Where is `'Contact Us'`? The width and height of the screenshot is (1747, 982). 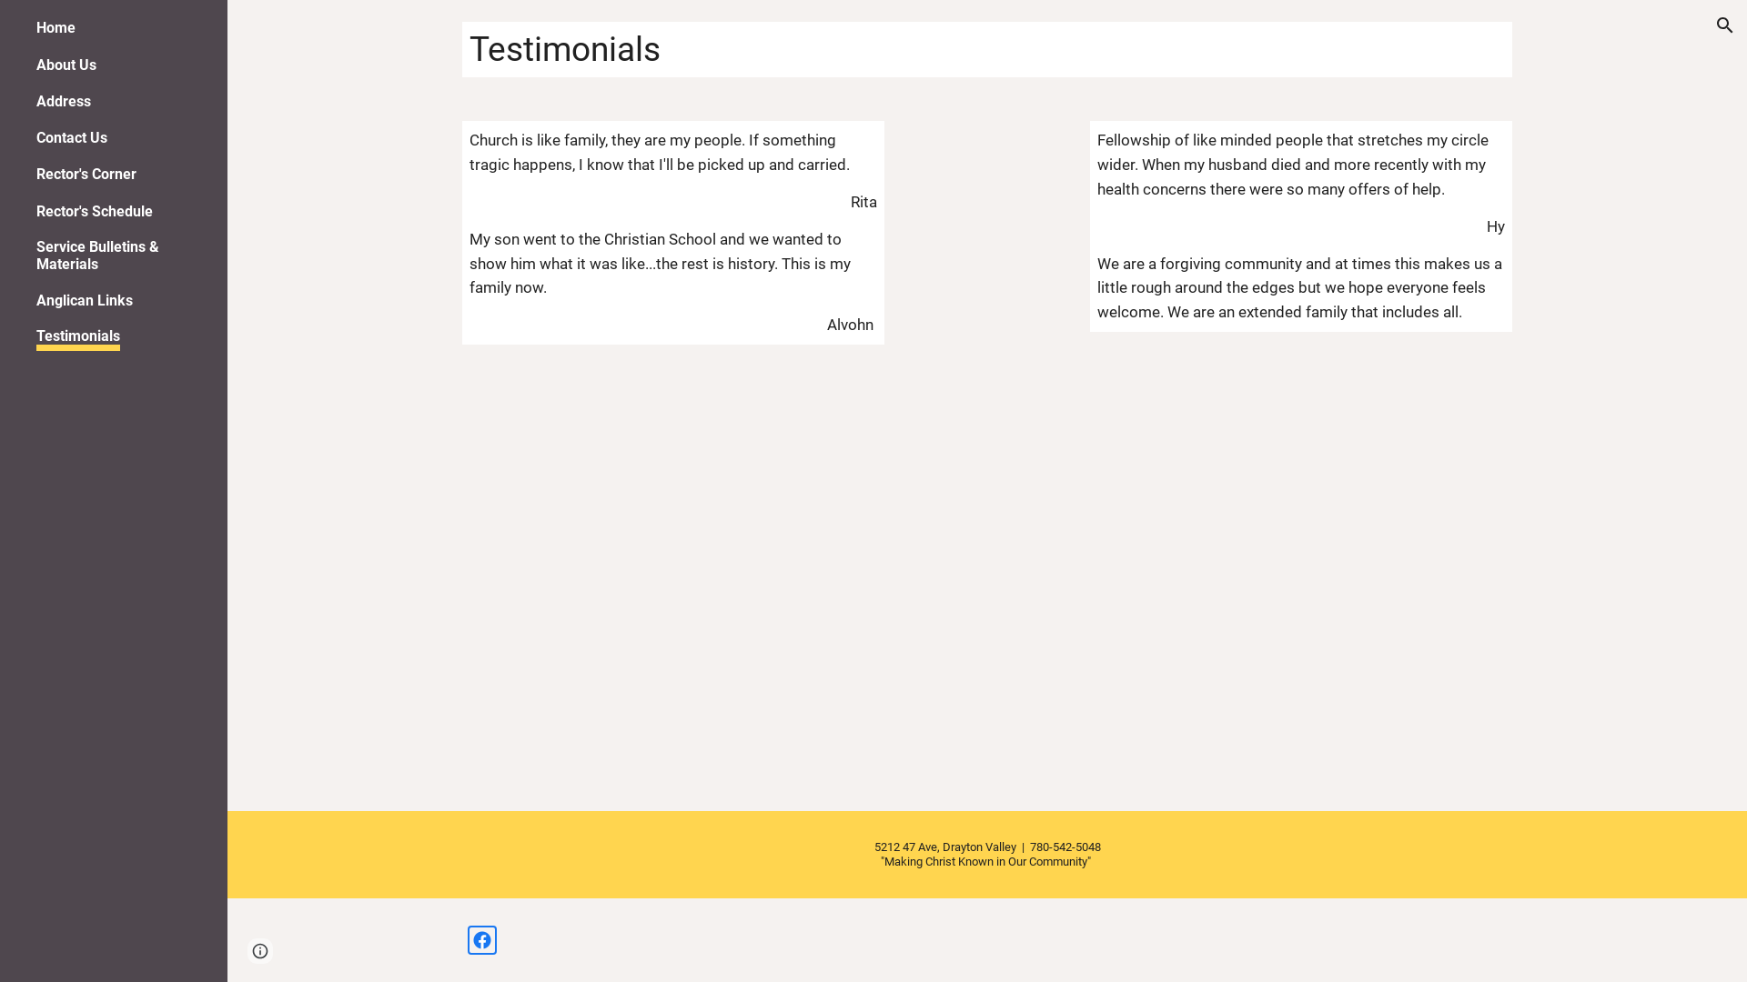
'Contact Us' is located at coordinates (35, 136).